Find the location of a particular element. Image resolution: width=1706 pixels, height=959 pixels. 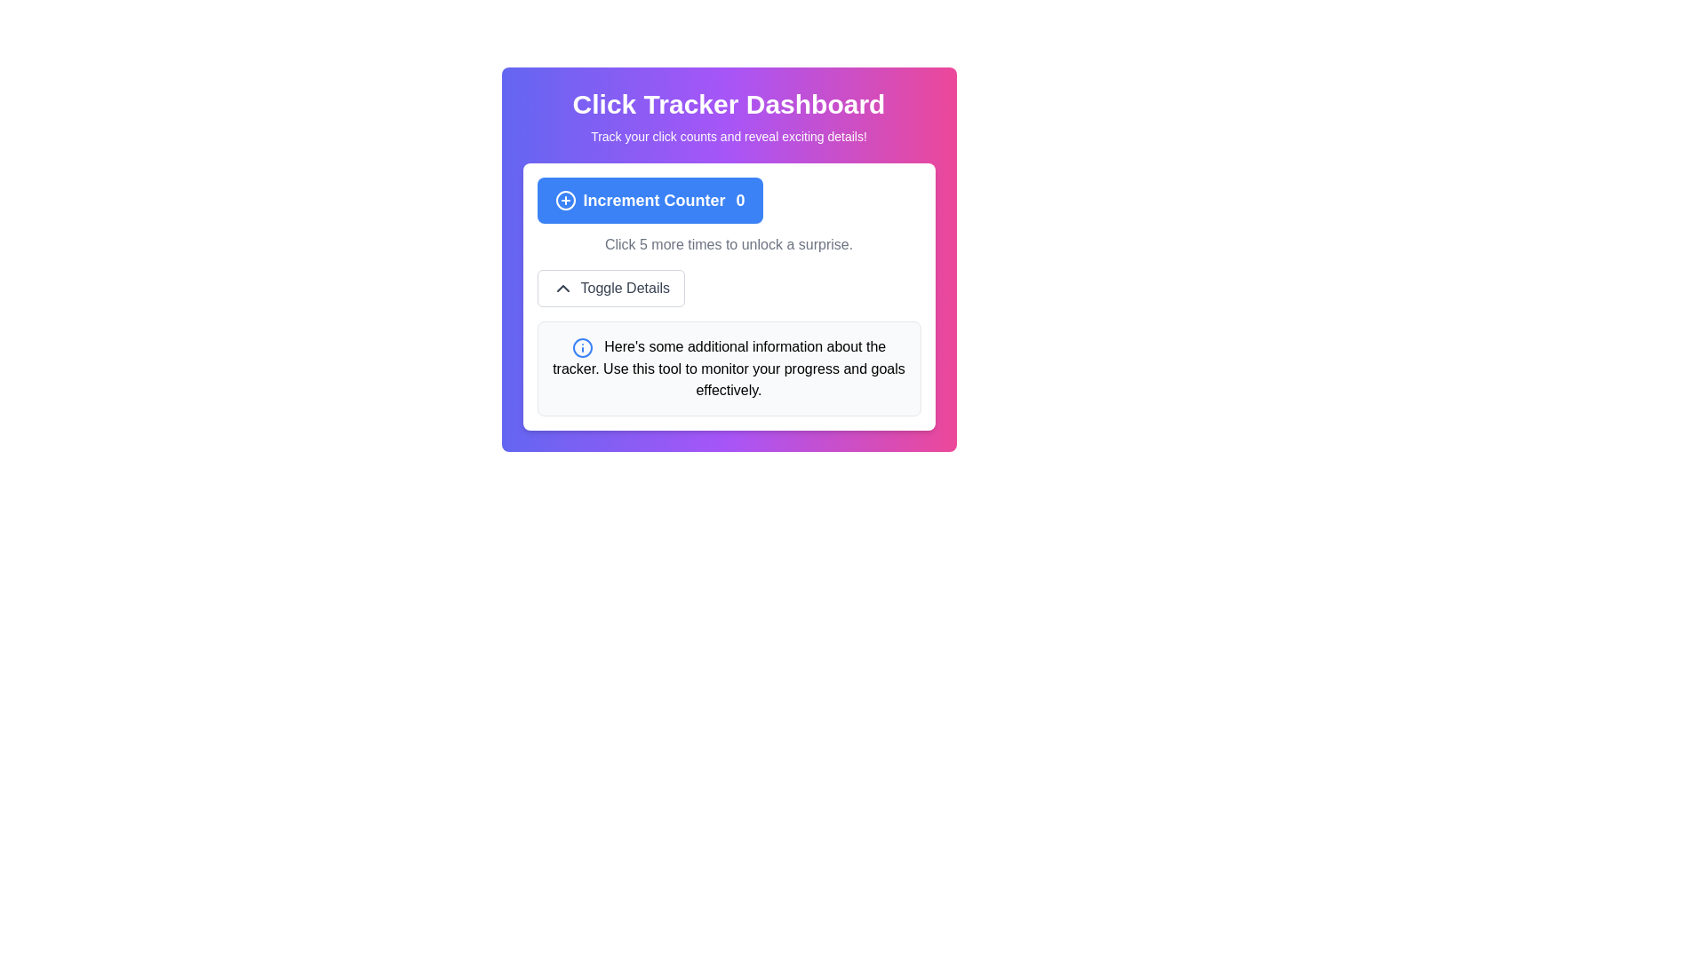

the visual indicator icon adjacent to the 'Increment Counter 0' button is located at coordinates (564, 200).